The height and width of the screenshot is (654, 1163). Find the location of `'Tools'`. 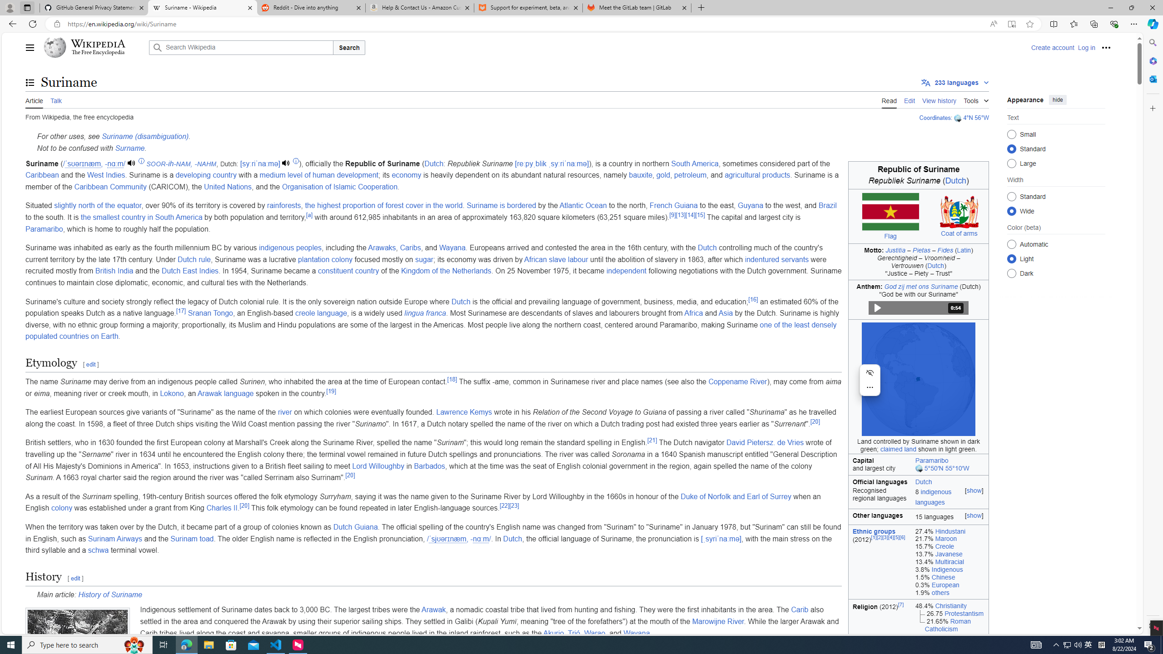

'Tools' is located at coordinates (976, 99).